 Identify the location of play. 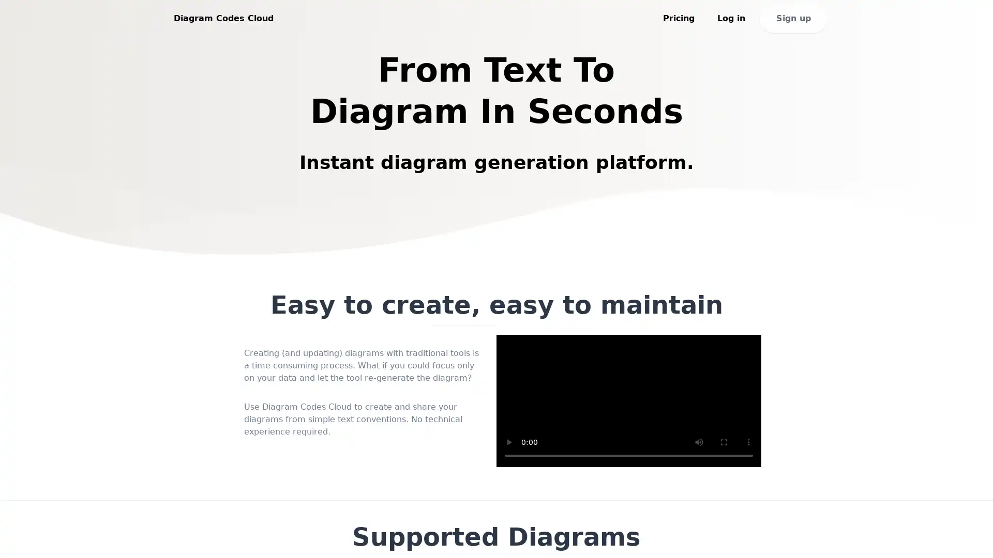
(508, 442).